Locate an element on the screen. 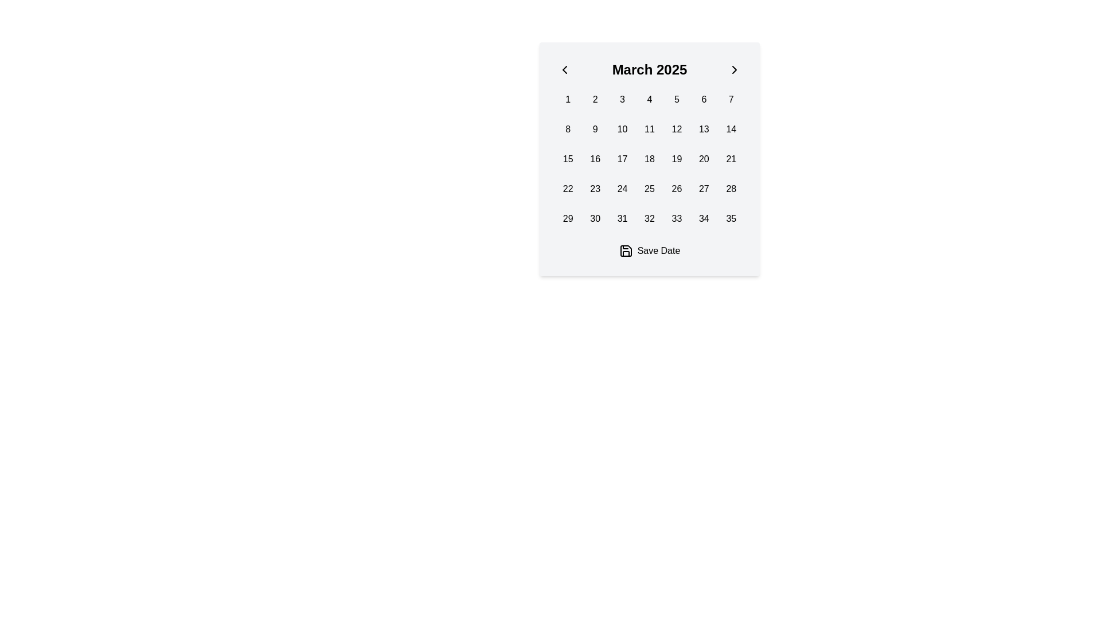 The image size is (1101, 619). the selectable day button '10' in the March 2025 calendar interface is located at coordinates (622, 129).